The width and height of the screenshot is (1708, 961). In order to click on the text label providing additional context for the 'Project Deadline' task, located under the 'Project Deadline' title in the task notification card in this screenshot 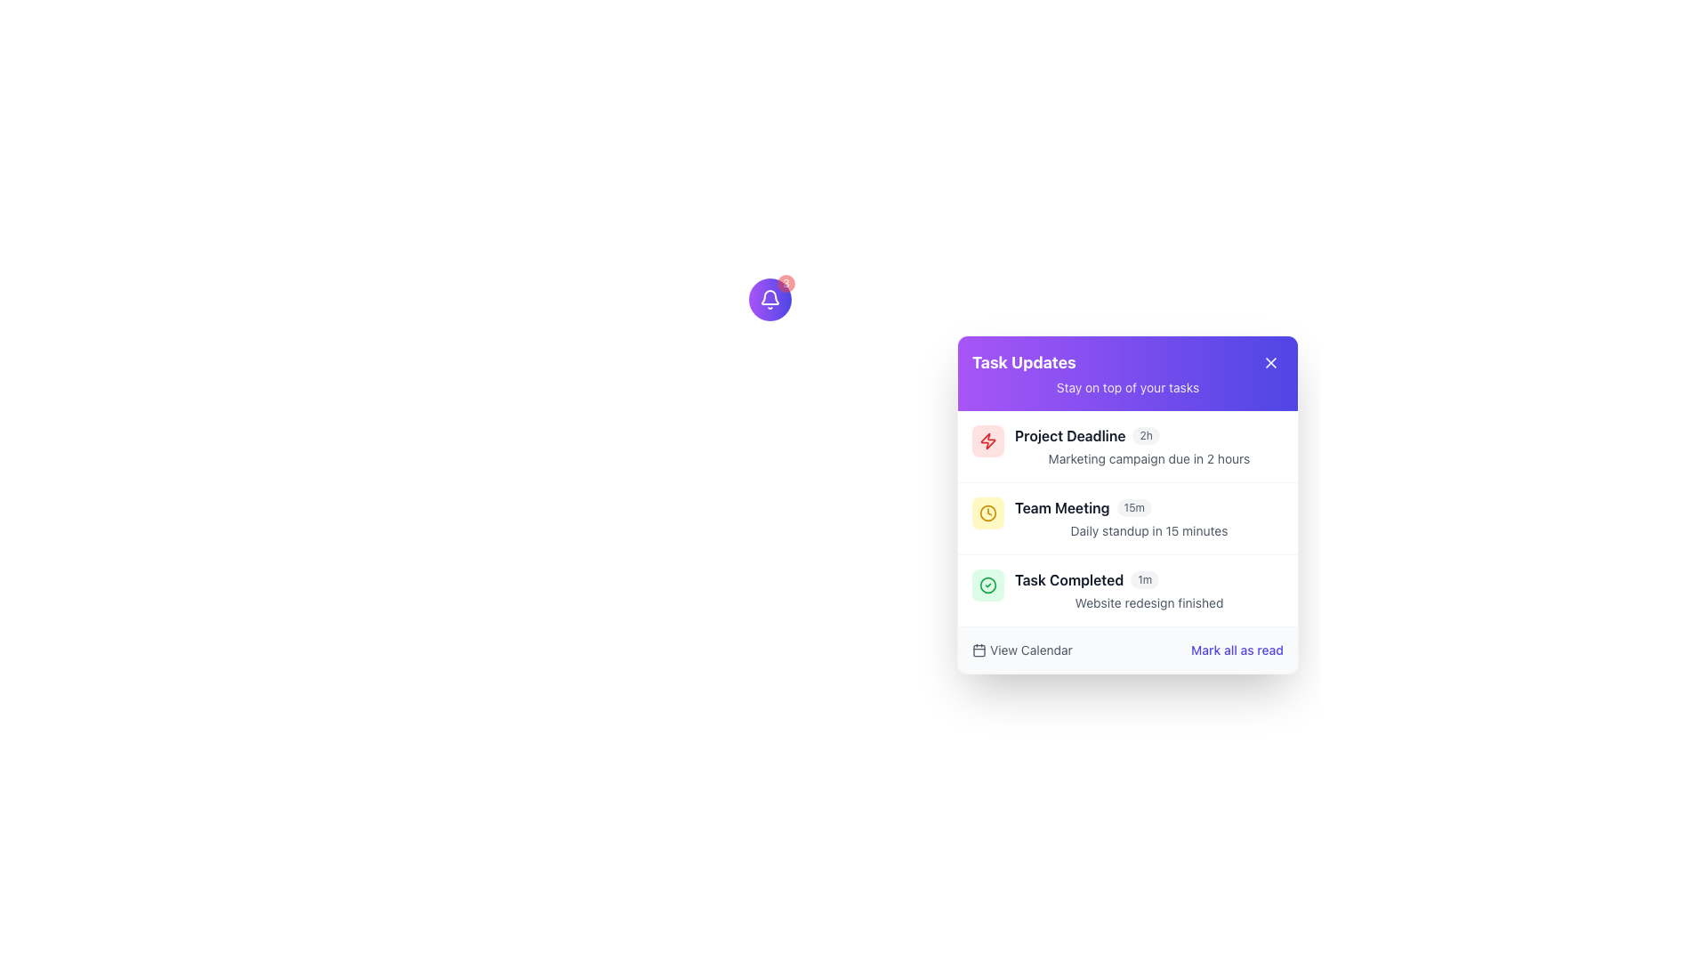, I will do `click(1148, 458)`.